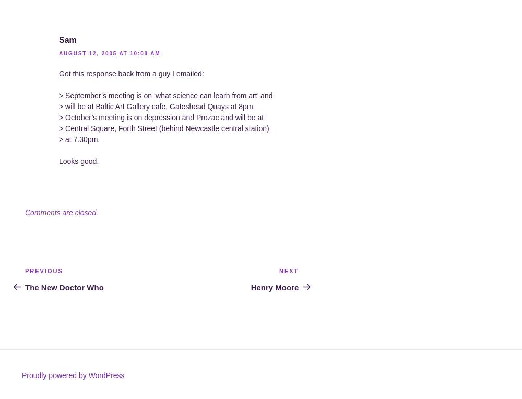 This screenshot has width=522, height=399. What do you see at coordinates (289, 270) in the screenshot?
I see `'Next'` at bounding box center [289, 270].